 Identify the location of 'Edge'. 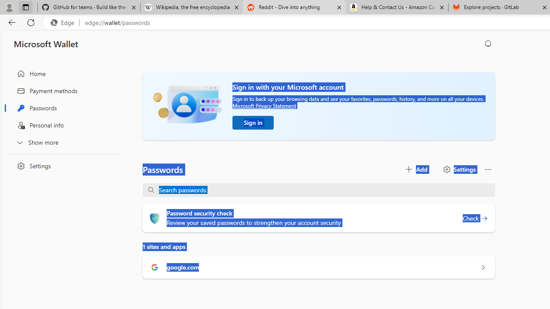
(64, 22).